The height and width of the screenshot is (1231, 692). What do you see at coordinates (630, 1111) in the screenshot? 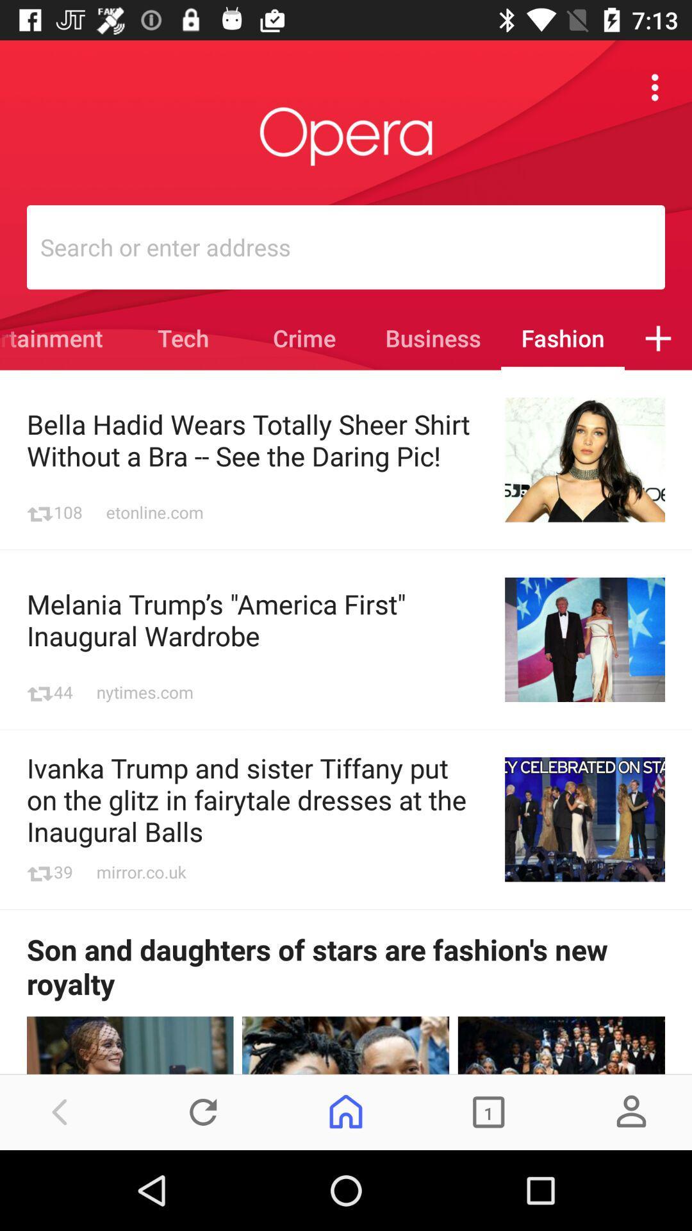
I see `the avatar icon` at bounding box center [630, 1111].